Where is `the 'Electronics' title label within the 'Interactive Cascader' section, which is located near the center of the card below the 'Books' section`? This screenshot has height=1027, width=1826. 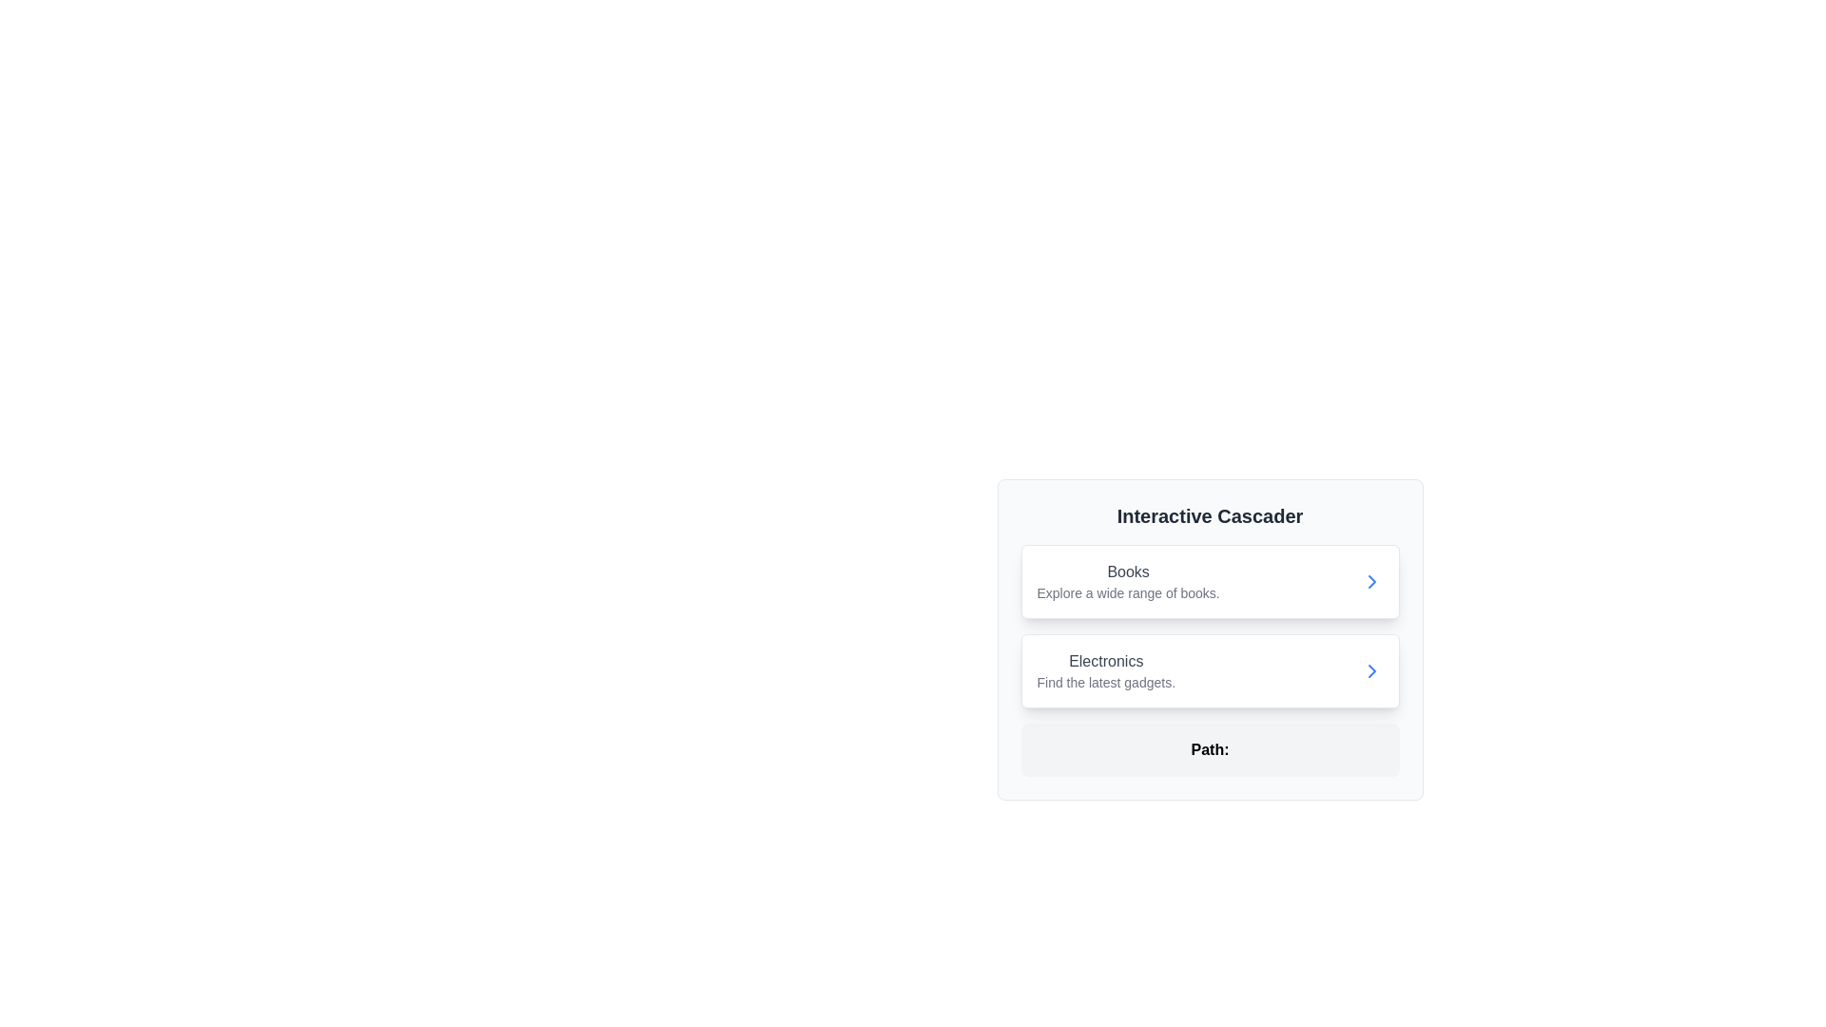
the 'Electronics' title label within the 'Interactive Cascader' section, which is located near the center of the card below the 'Books' section is located at coordinates (1106, 660).